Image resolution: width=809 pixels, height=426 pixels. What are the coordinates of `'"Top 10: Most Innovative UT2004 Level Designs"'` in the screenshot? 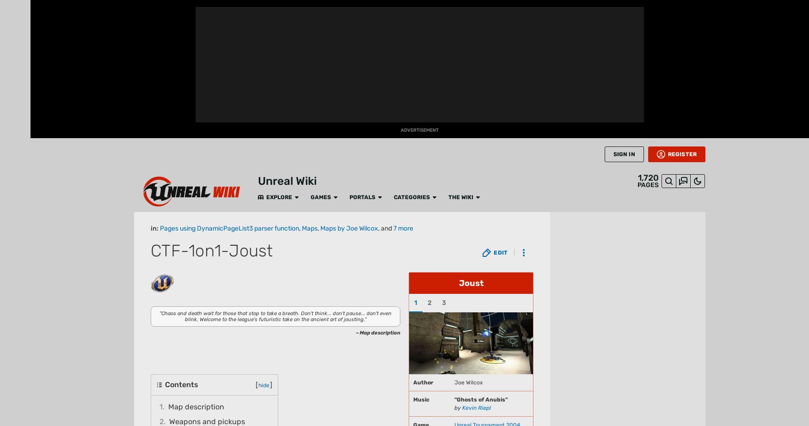 It's located at (337, 365).